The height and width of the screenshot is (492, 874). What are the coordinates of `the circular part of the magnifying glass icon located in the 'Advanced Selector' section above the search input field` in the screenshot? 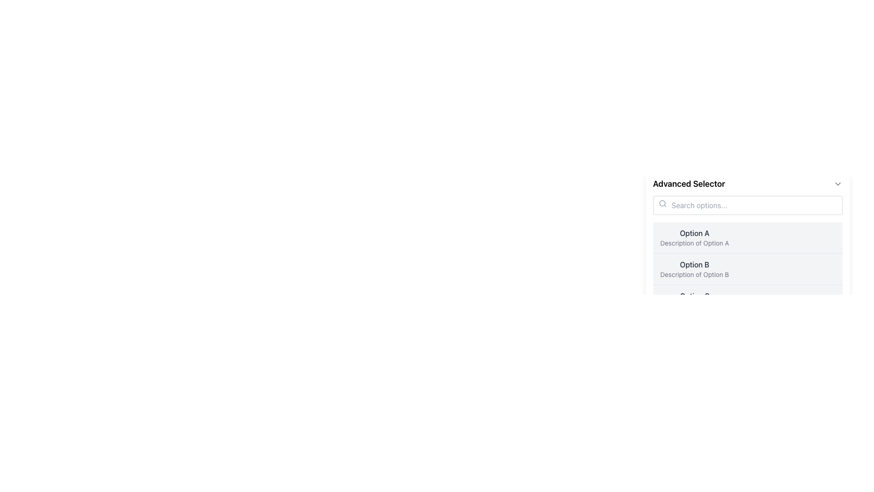 It's located at (662, 203).